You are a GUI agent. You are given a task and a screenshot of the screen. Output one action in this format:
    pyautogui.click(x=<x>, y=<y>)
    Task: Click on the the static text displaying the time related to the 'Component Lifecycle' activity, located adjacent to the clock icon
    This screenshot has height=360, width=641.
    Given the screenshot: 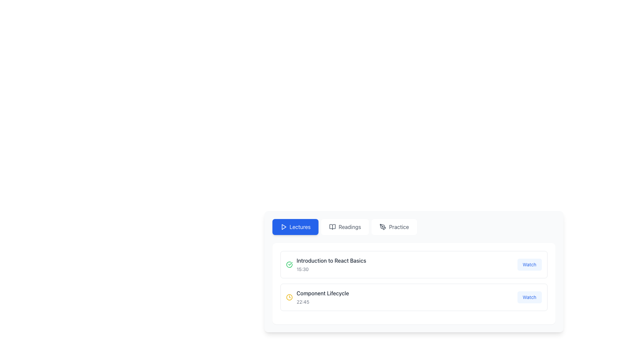 What is the action you would take?
    pyautogui.click(x=302, y=302)
    